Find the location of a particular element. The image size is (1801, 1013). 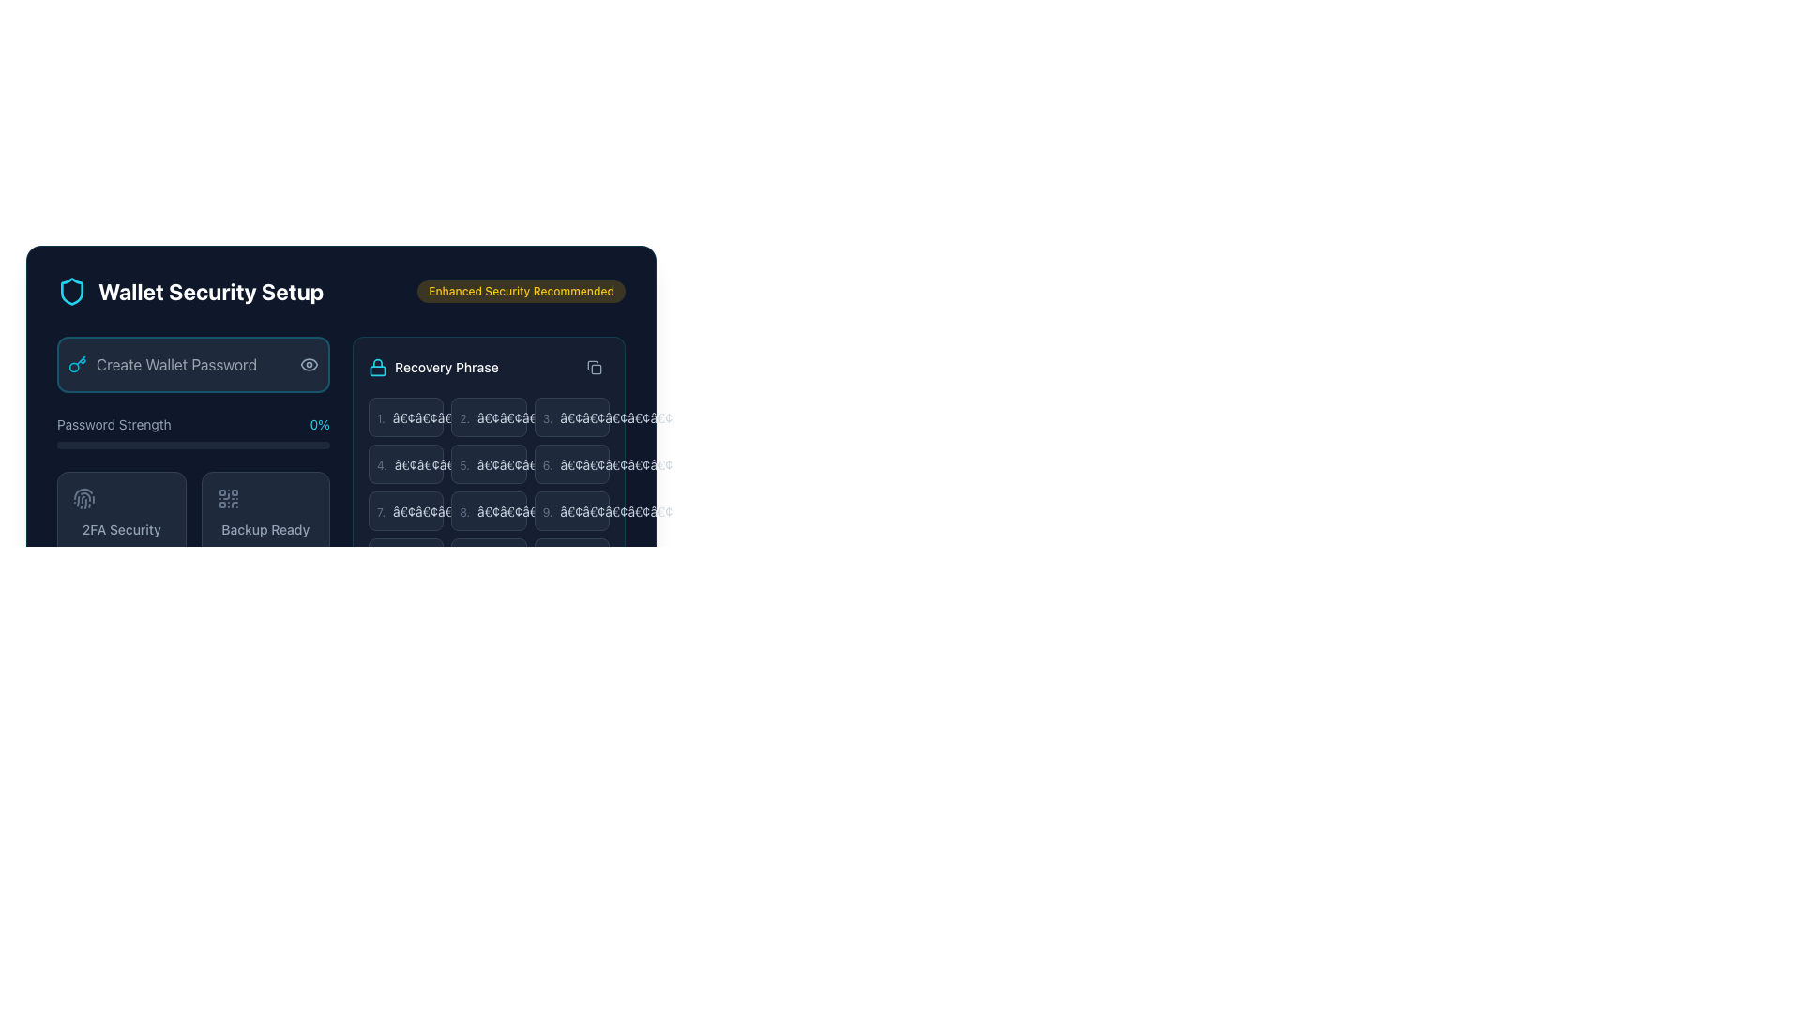

the text element displaying 'Wallet Security Setup' in bold white font, which is centrally placed next to a shield icon on a dark background is located at coordinates (211, 292).